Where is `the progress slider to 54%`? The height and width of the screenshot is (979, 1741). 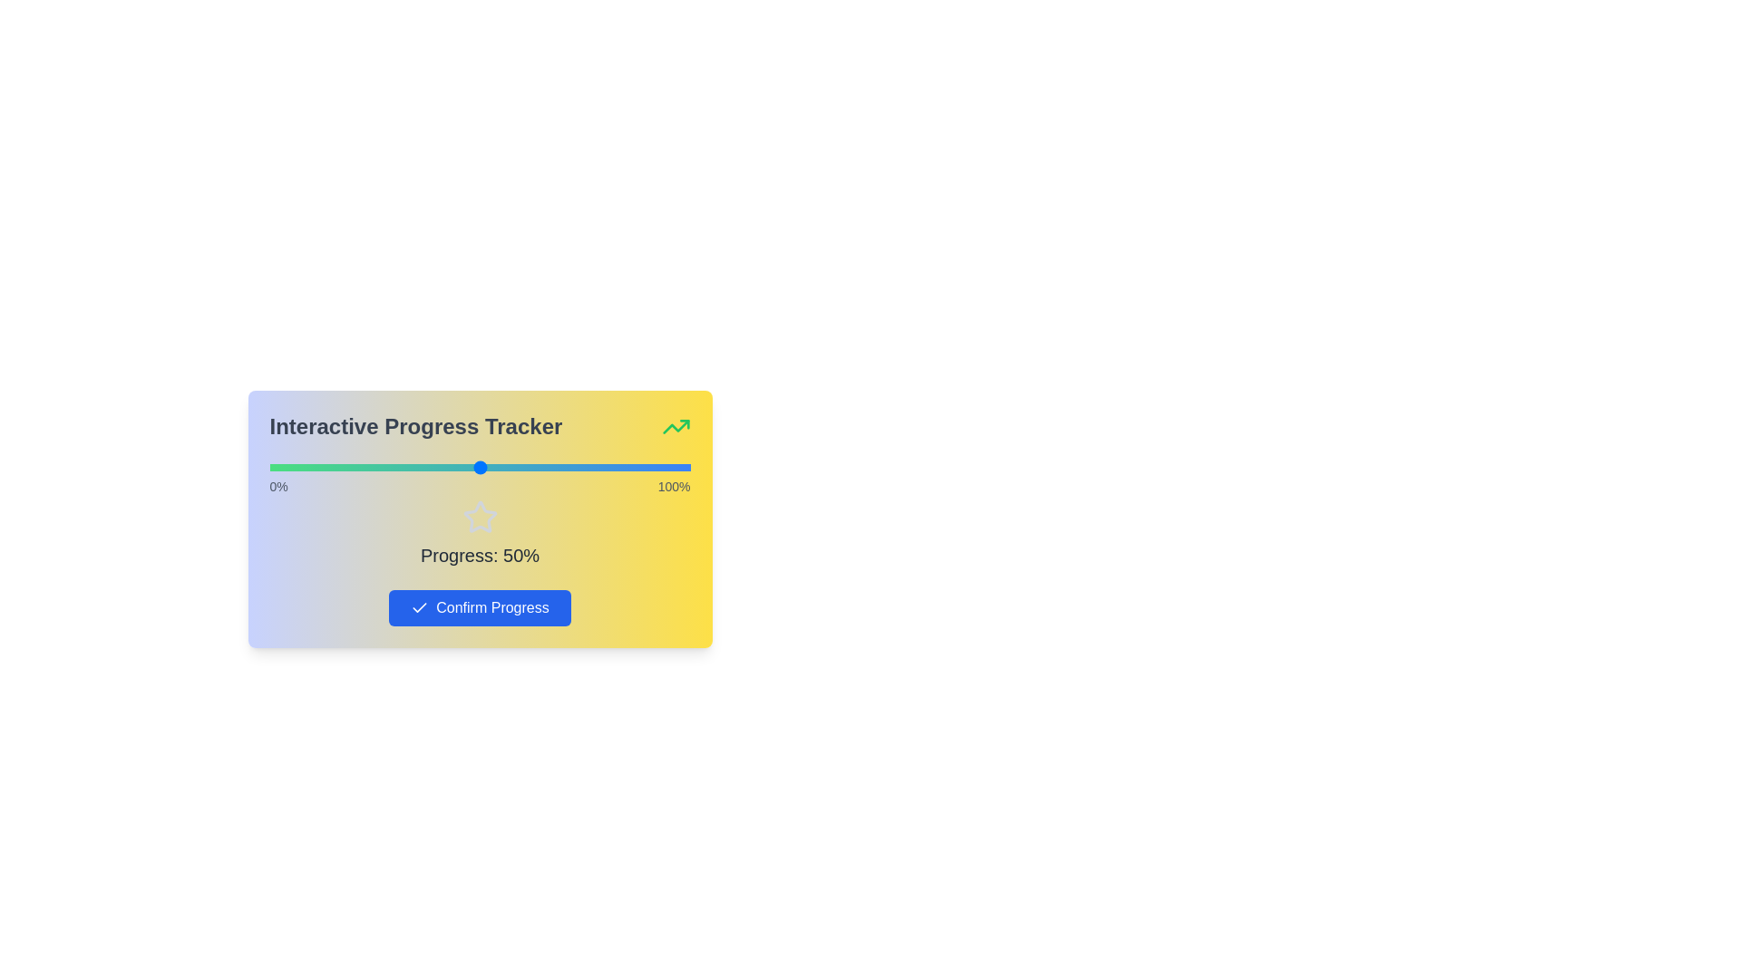
the progress slider to 54% is located at coordinates (496, 467).